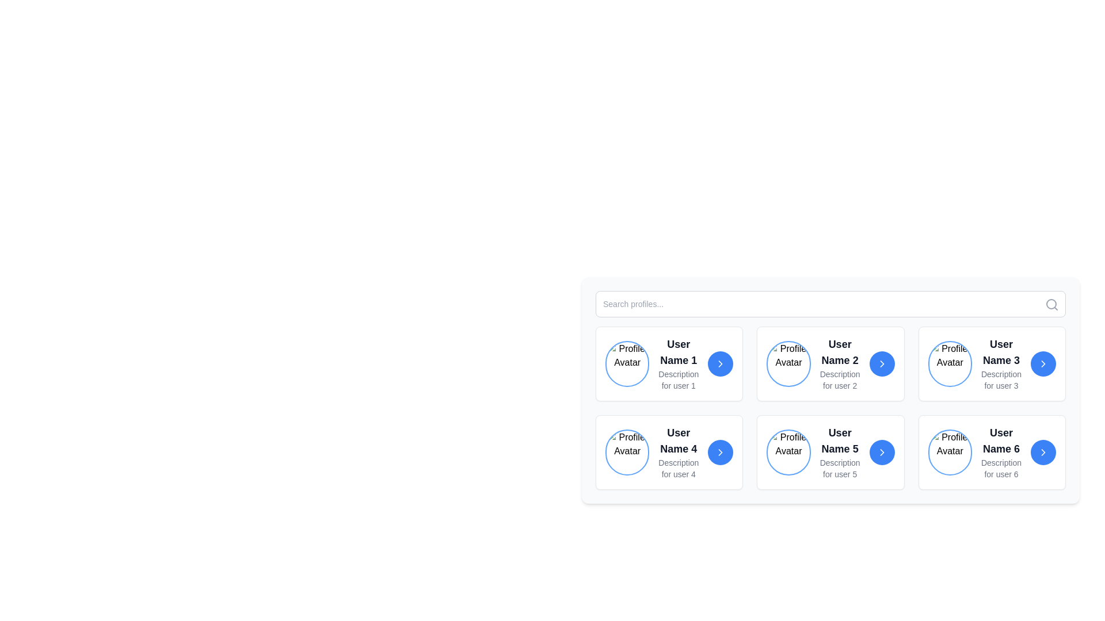 This screenshot has height=621, width=1105. I want to click on the right-facing chevron icon with a clean outline, which is located on the third profile card ('User Name 3') from the top-left within the grid of user profiles, so click(1043, 363).